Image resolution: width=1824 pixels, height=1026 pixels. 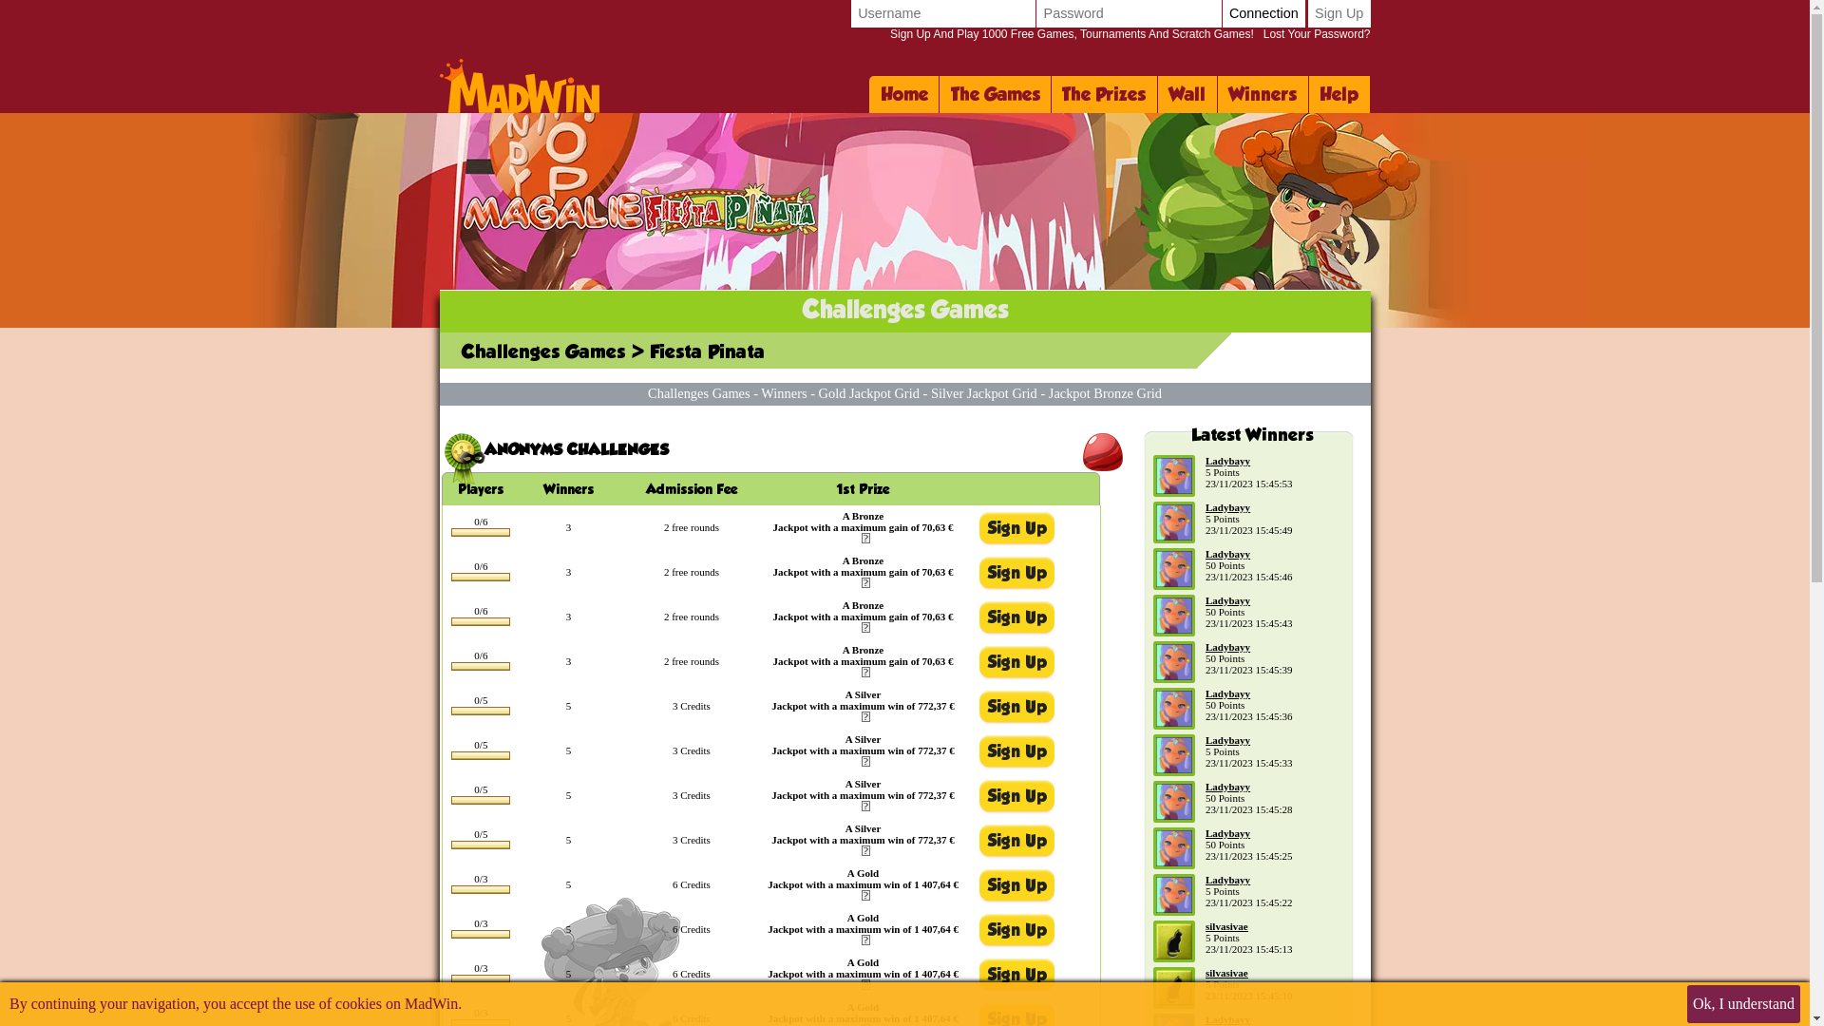 What do you see at coordinates (1227, 739) in the screenshot?
I see `'Ladybayy'` at bounding box center [1227, 739].